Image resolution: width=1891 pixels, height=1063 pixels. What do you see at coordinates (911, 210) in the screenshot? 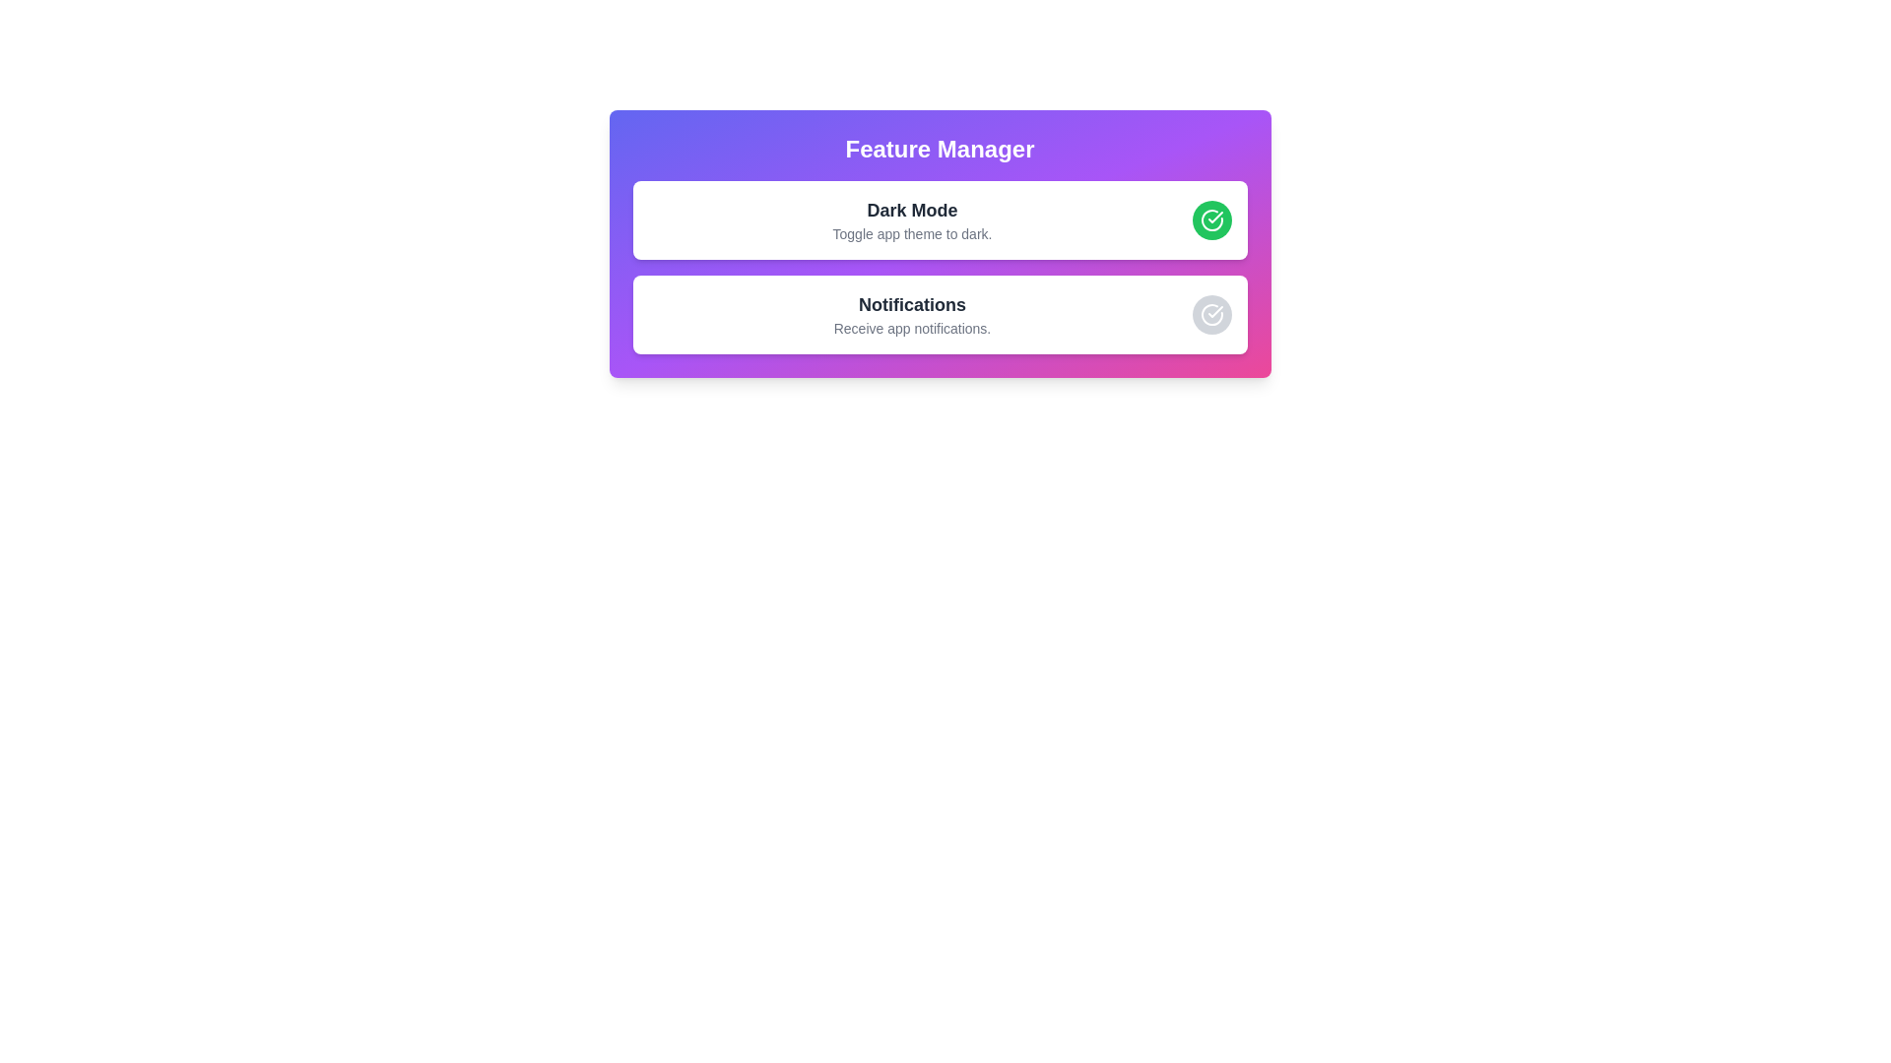
I see `the static textual label that serves as the title for toggling the app theme to dark mode, located at the top of the section` at bounding box center [911, 210].